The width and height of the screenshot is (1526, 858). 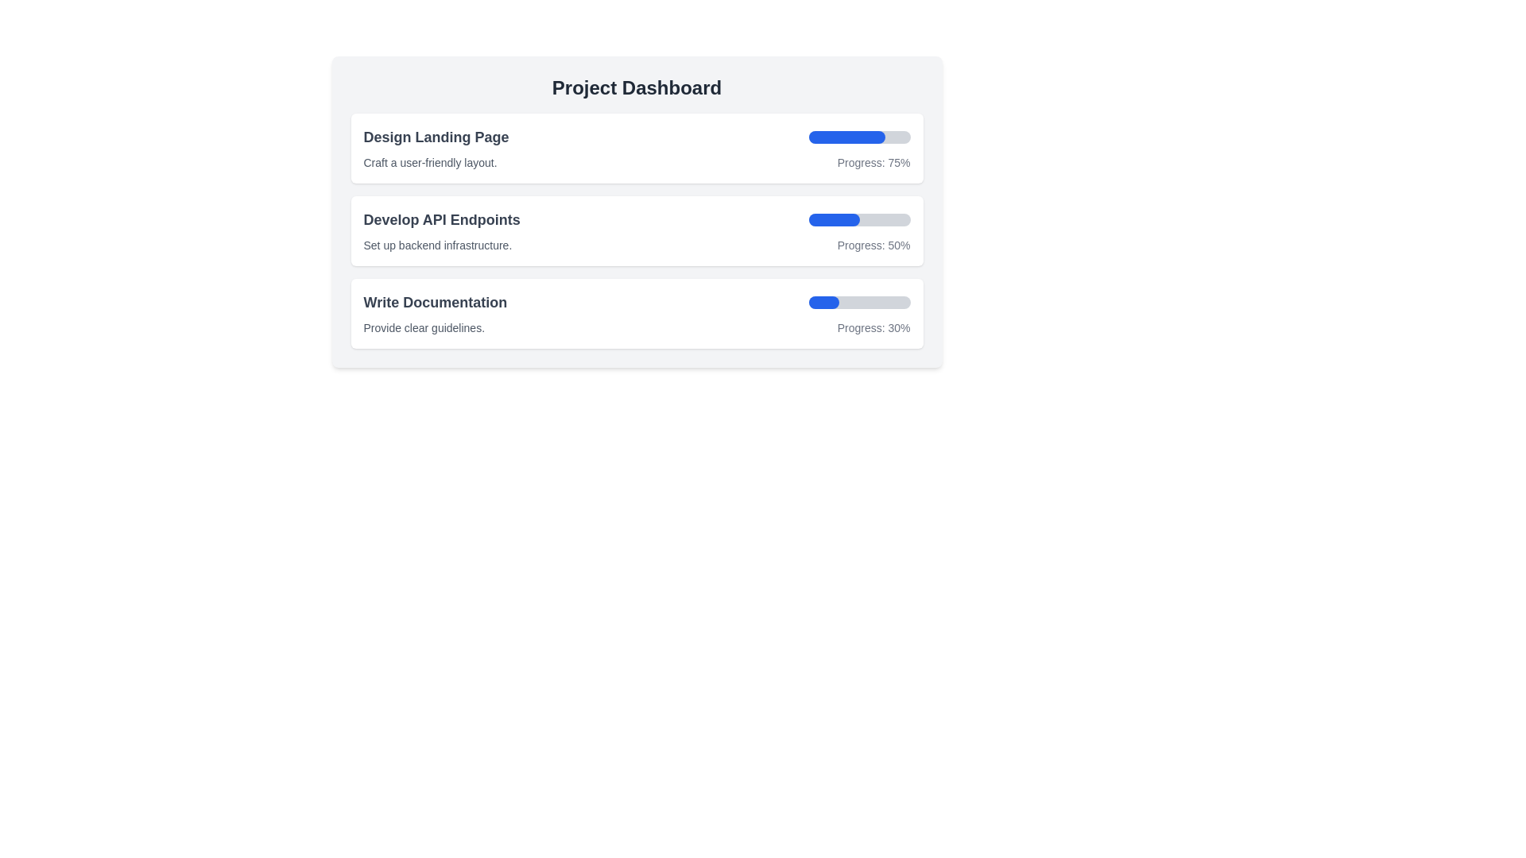 I want to click on contents of the progress tracker for the task 'Develop API Endpoints', which is the second item under the 'Project Dashboard' section, so click(x=637, y=211).